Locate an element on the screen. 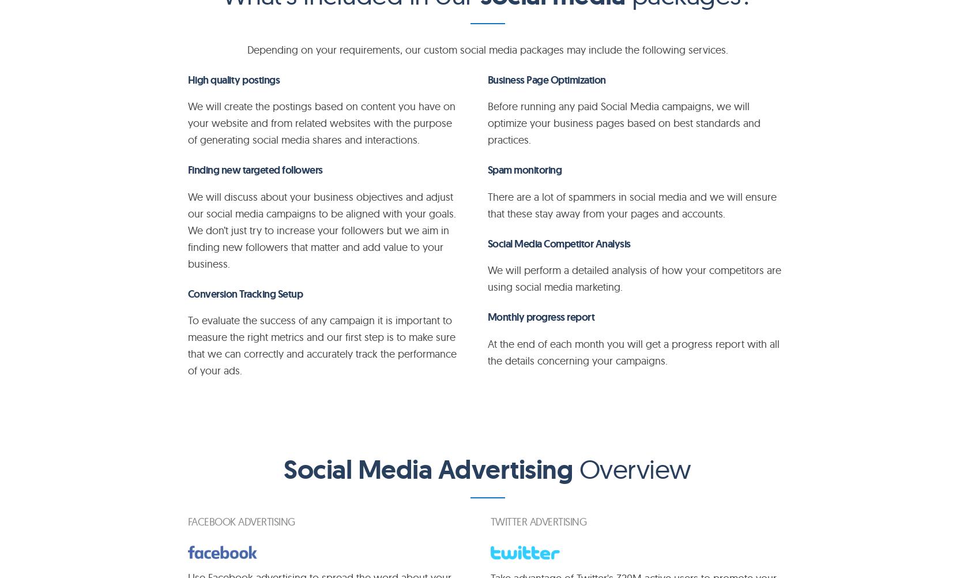  'TWITTER advertising' is located at coordinates (490, 521).